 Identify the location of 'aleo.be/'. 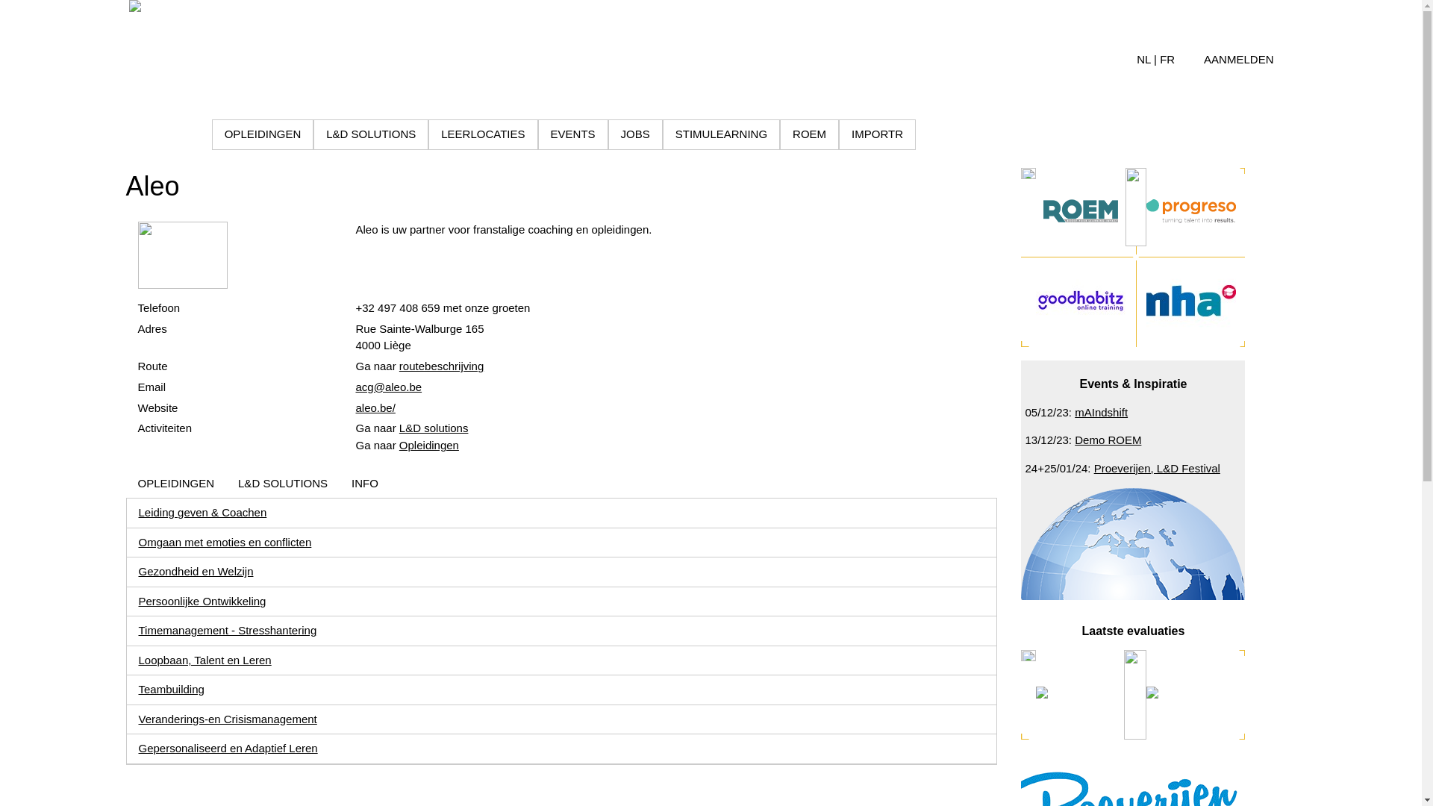
(354, 407).